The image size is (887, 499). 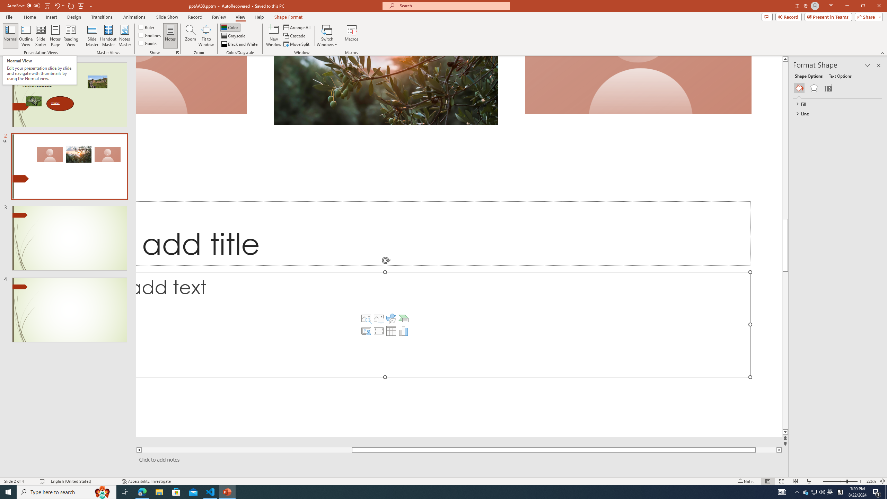 What do you see at coordinates (366, 318) in the screenshot?
I see `'Stock Images'` at bounding box center [366, 318].